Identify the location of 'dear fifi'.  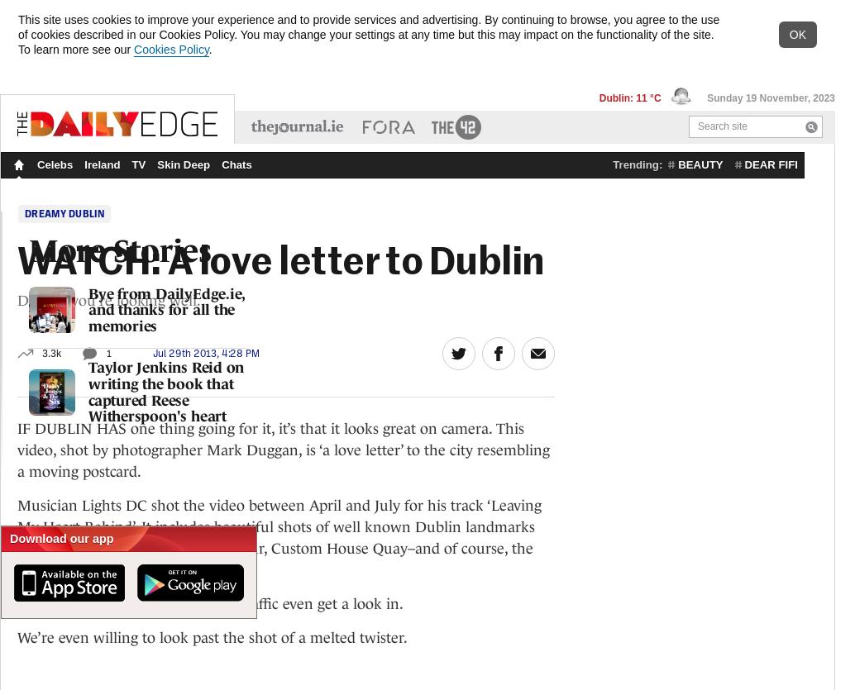
(770, 164).